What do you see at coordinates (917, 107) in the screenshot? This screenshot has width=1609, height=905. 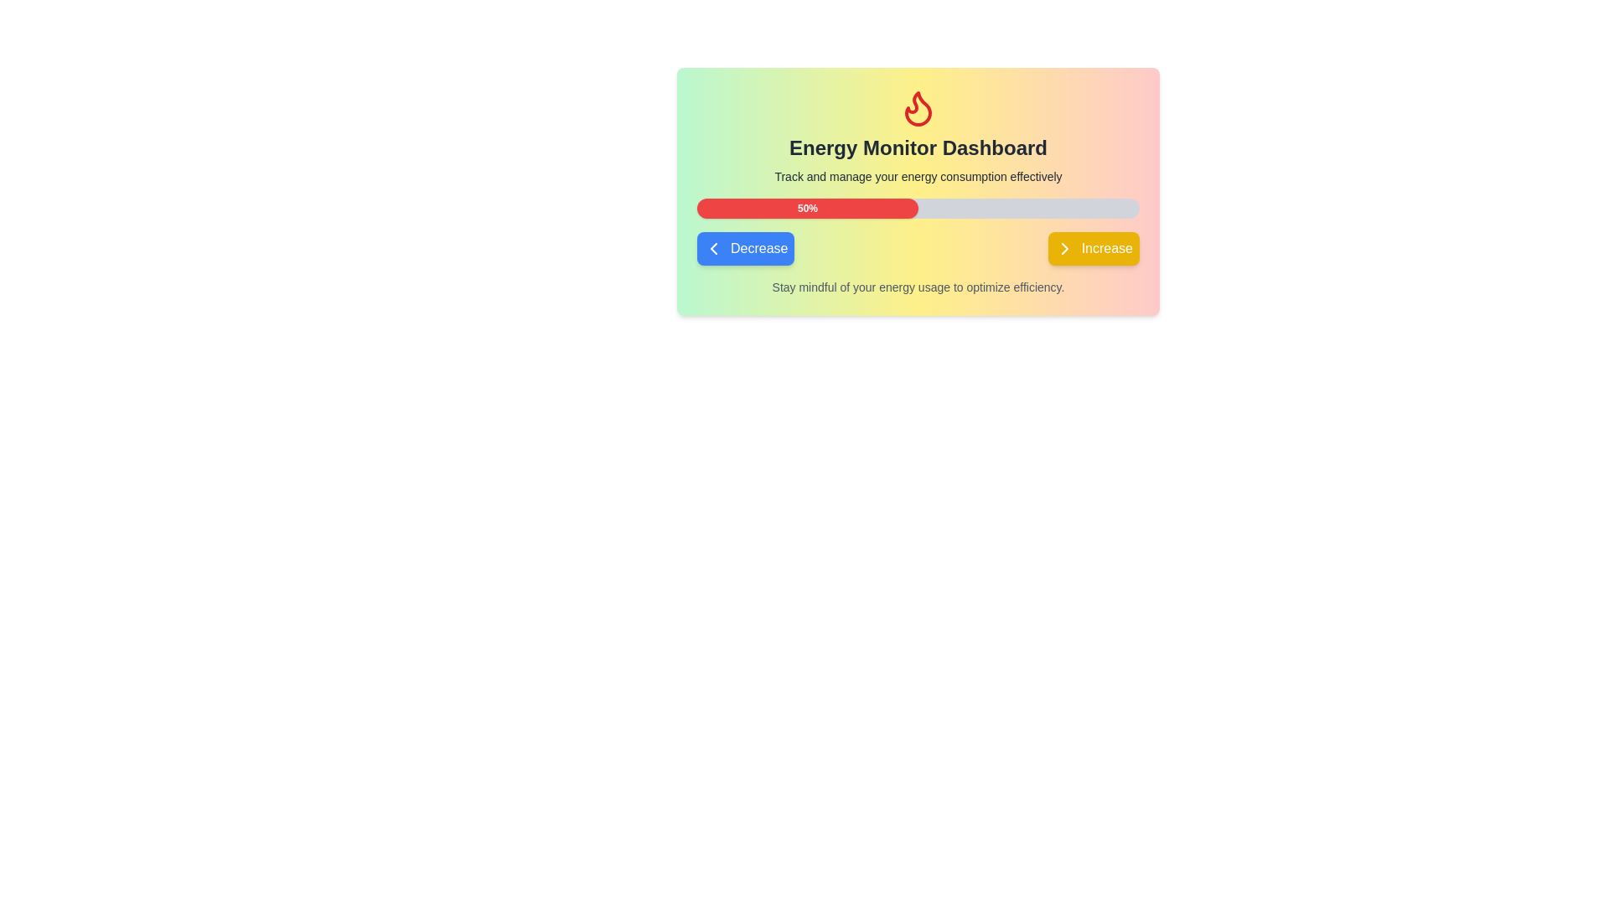 I see `the energy icon located at the top center of the card, directly above the 'Energy Monitor Dashboard' text` at bounding box center [917, 107].